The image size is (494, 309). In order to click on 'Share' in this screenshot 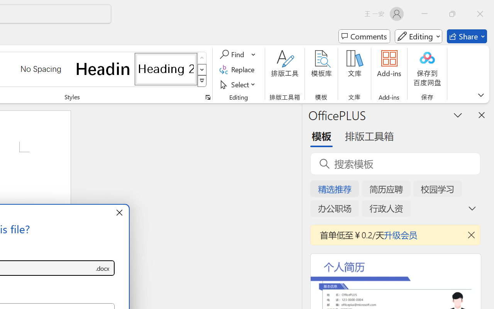, I will do `click(467, 36)`.